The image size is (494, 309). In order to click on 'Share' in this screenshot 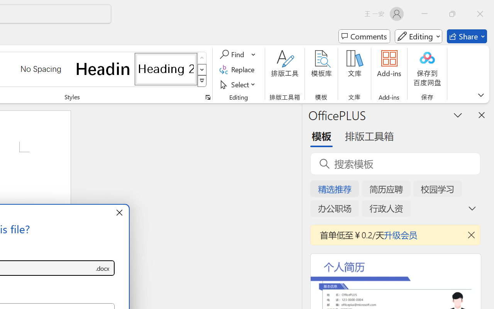, I will do `click(467, 36)`.